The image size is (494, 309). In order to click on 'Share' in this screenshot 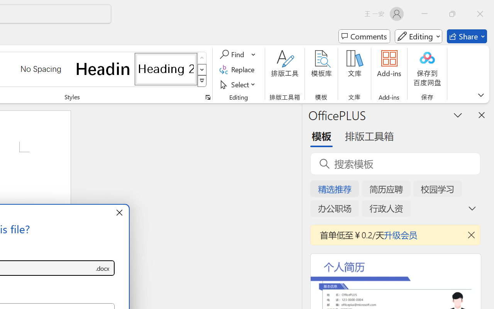, I will do `click(467, 36)`.